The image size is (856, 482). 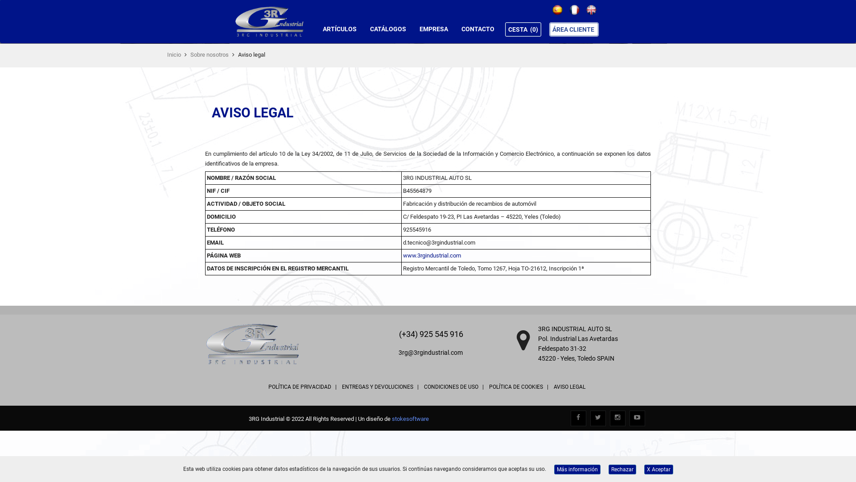 I want to click on '  CONDICIONES DE USO   |  ', so click(x=453, y=386).